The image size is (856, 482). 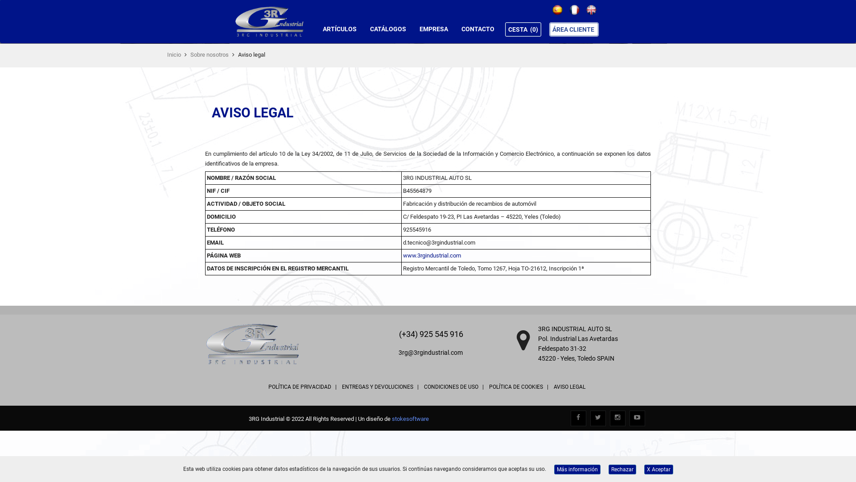 I want to click on '  CONDICIONES DE USO   |  ', so click(x=453, y=386).